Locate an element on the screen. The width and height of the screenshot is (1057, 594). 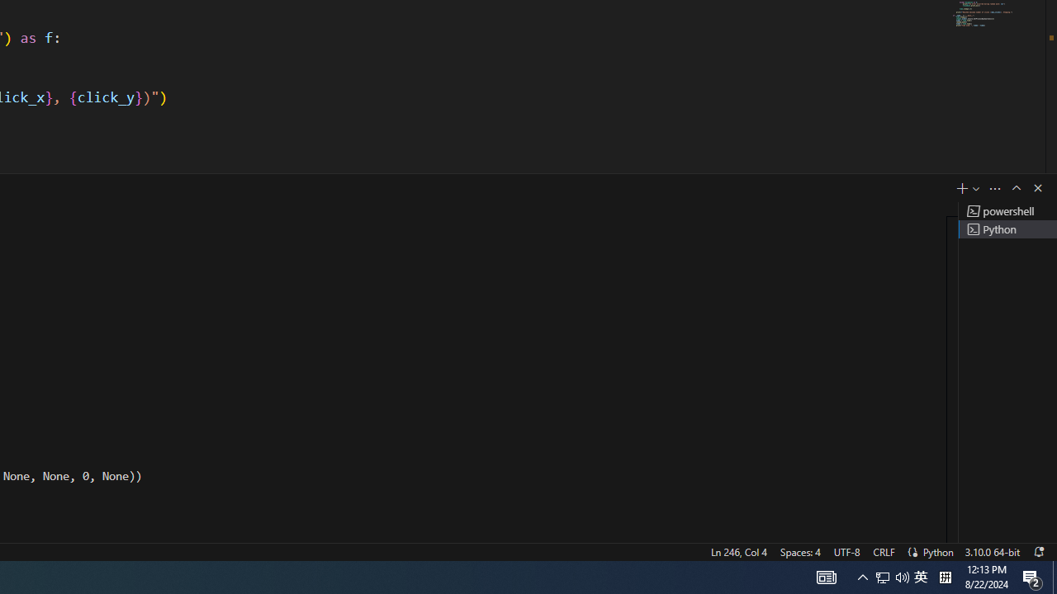
'Maximize Panel Size' is located at coordinates (1015, 186).